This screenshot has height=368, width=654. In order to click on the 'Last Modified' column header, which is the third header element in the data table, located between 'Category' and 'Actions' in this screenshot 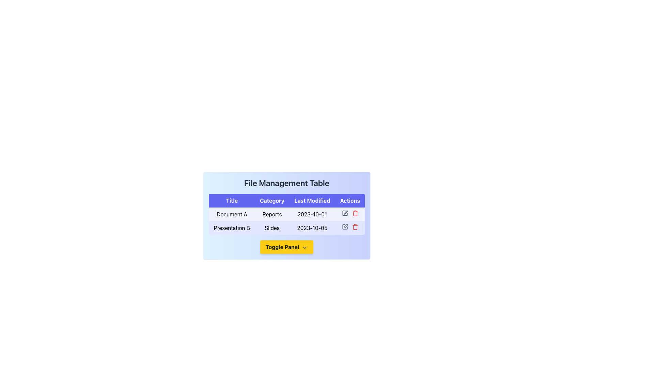, I will do `click(312, 200)`.